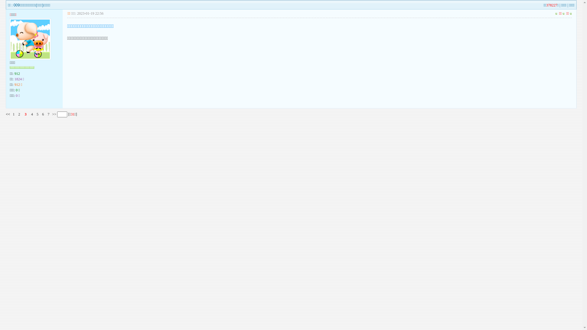 The height and width of the screenshot is (330, 587). I want to click on '5', so click(37, 114).